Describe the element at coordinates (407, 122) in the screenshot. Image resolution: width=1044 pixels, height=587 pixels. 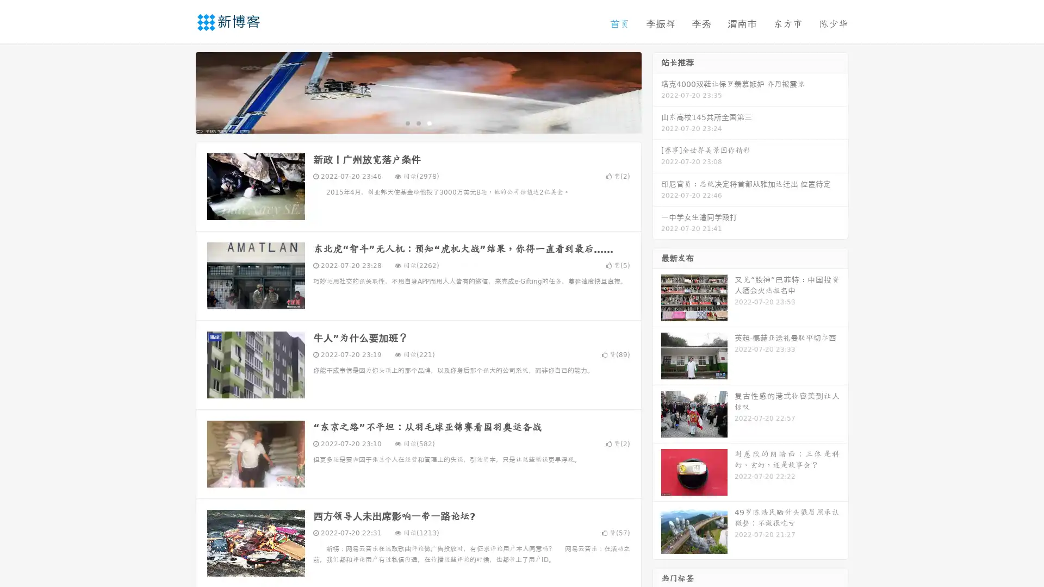
I see `Go to slide 1` at that location.